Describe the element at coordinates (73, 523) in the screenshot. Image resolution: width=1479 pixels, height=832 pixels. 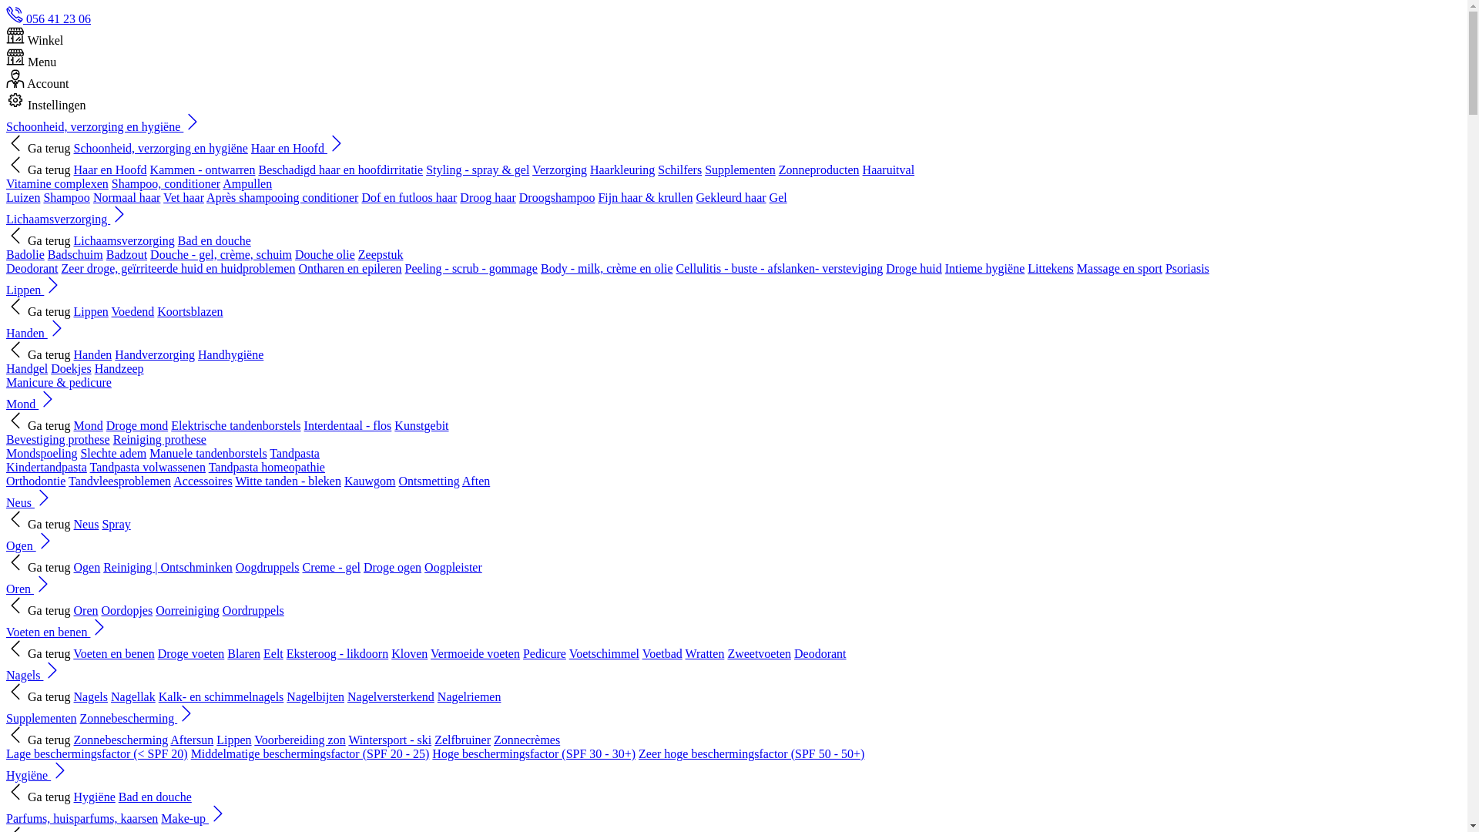
I see `'Neus'` at that location.